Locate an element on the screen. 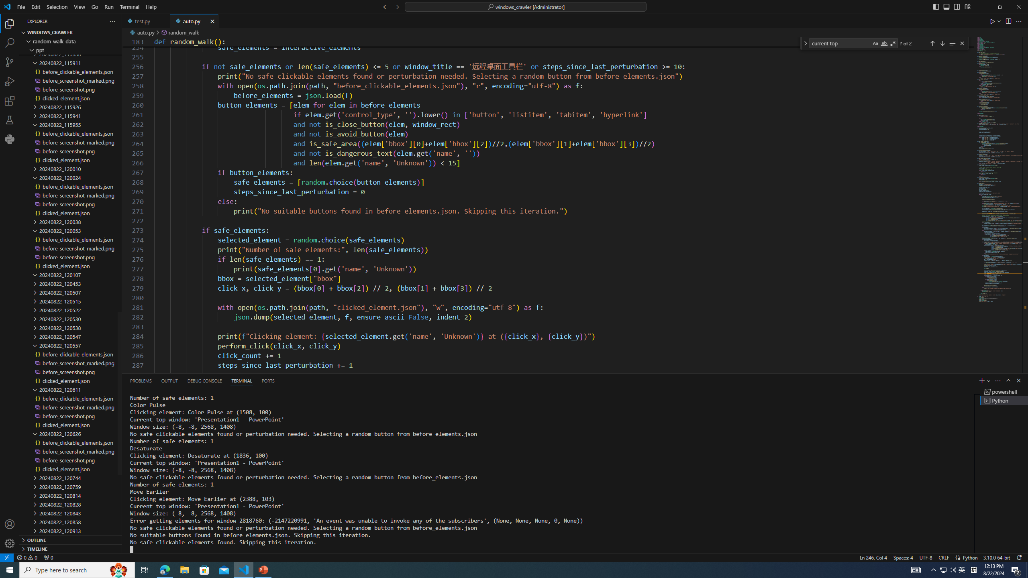  'Close (Ctrl+F4)' is located at coordinates (212, 20).